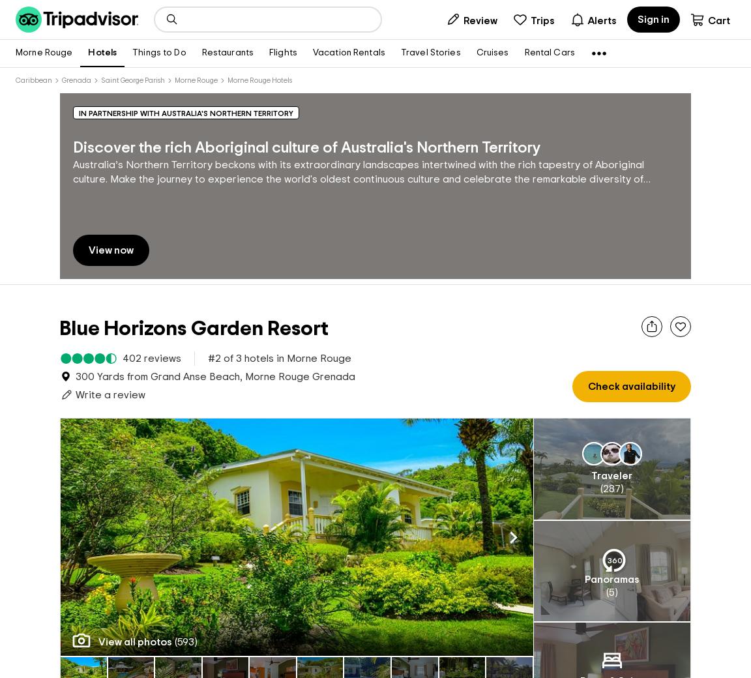 Image resolution: width=751 pixels, height=678 pixels. What do you see at coordinates (75, 376) in the screenshot?
I see `'300 Yards from Grand Anse Beach, Morne Rouge Grenada'` at bounding box center [75, 376].